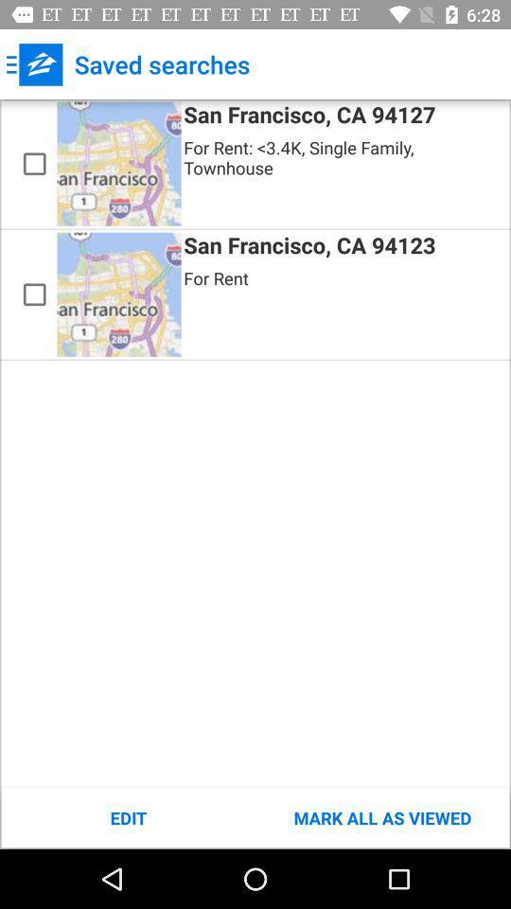 The width and height of the screenshot is (511, 909). What do you see at coordinates (382, 817) in the screenshot?
I see `the mark all as item` at bounding box center [382, 817].